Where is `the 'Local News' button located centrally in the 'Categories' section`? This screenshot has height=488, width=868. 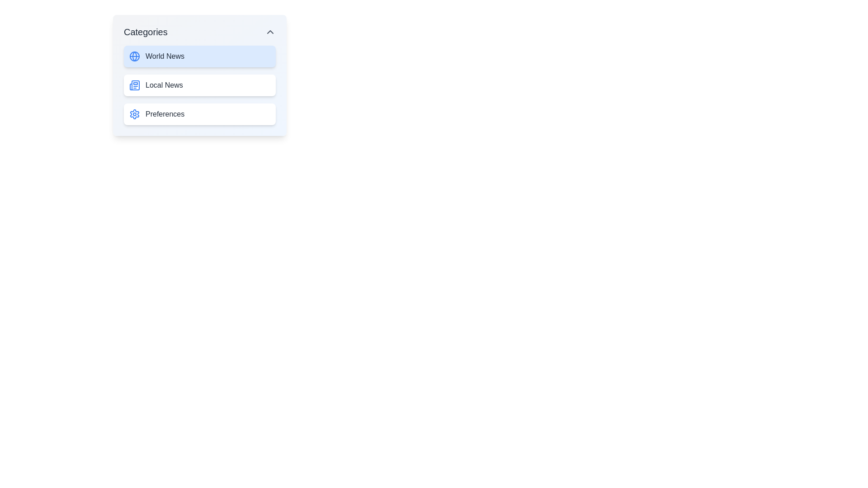 the 'Local News' button located centrally in the 'Categories' section is located at coordinates (199, 85).